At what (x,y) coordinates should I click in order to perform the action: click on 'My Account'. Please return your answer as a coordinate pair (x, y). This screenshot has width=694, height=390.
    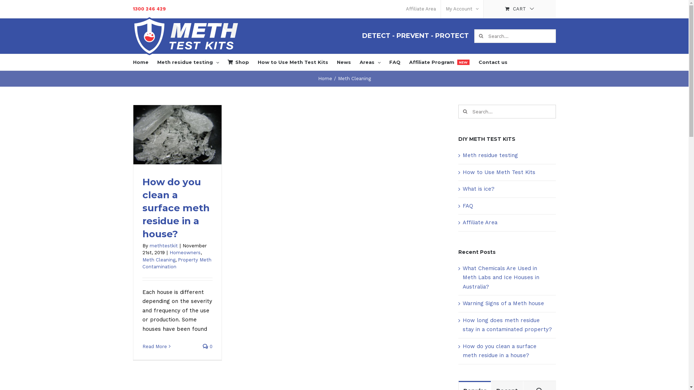
    Looking at the image, I should click on (440, 9).